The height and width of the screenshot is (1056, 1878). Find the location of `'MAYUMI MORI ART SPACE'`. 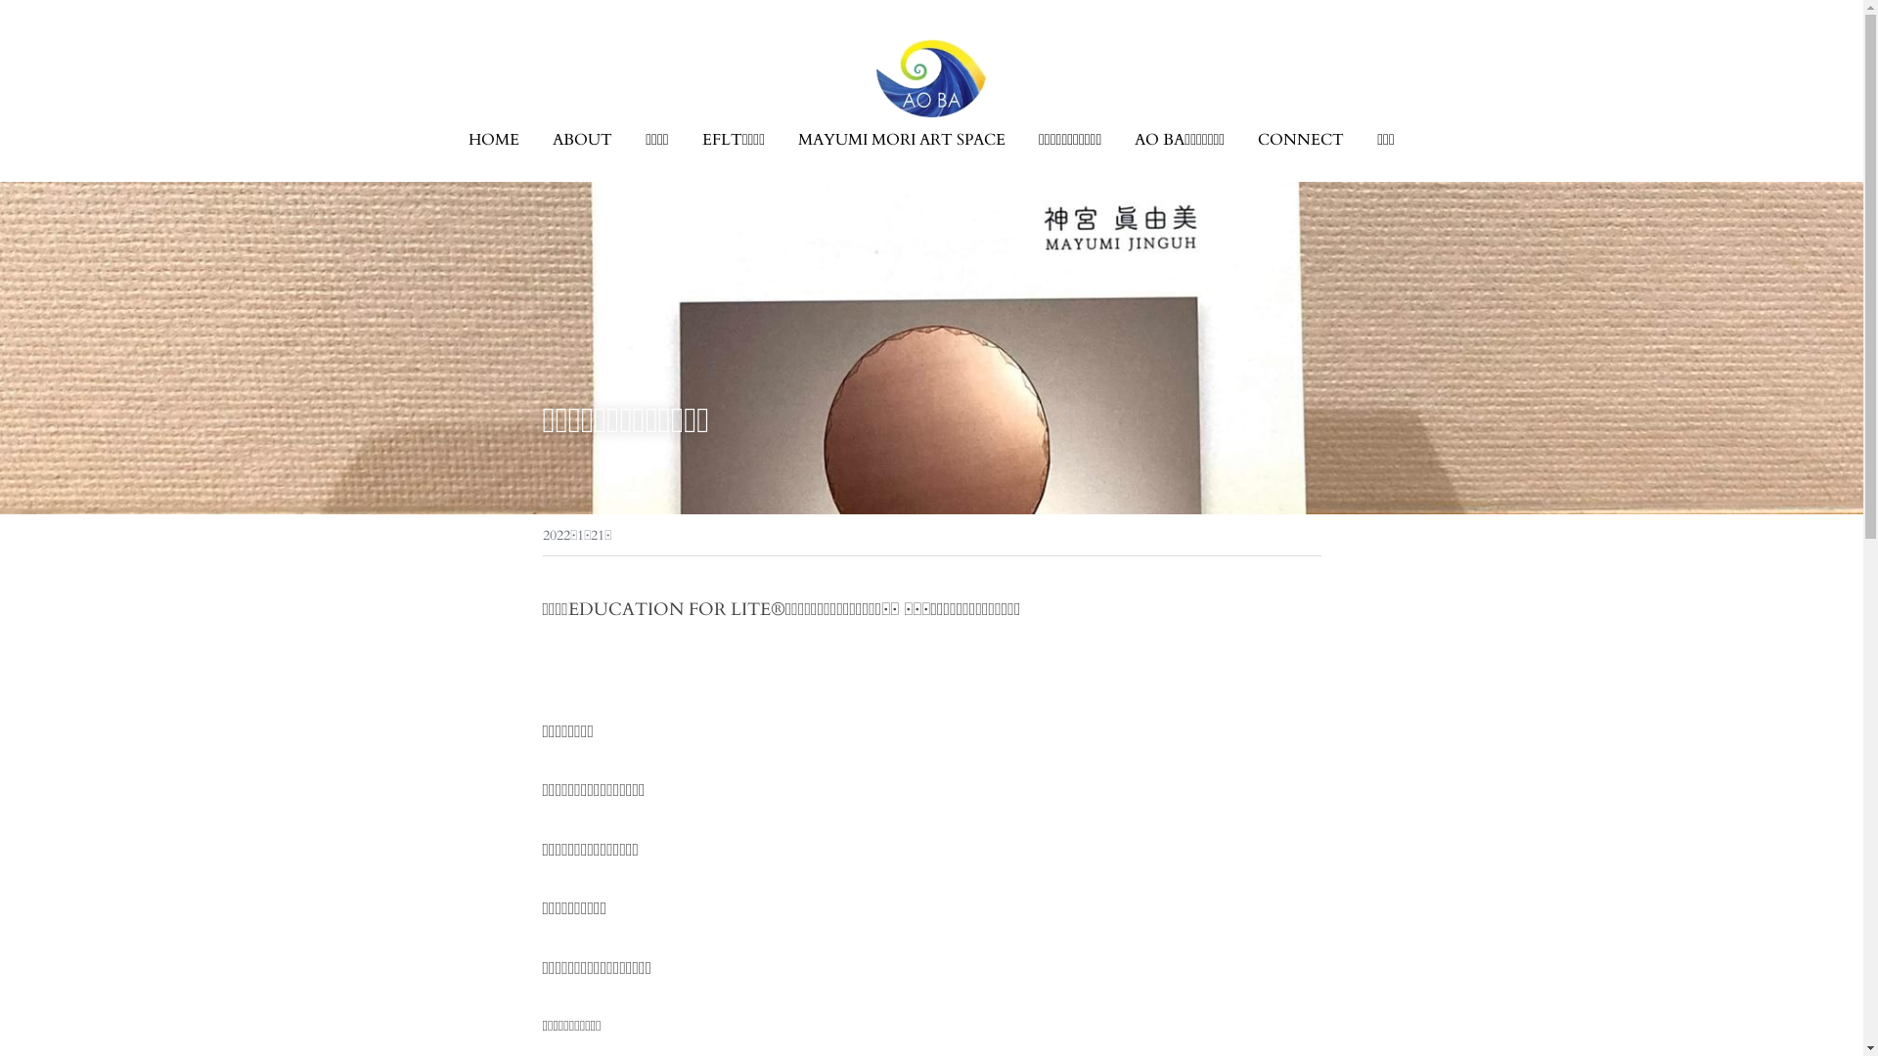

'MAYUMI MORI ART SPACE' is located at coordinates (798, 138).